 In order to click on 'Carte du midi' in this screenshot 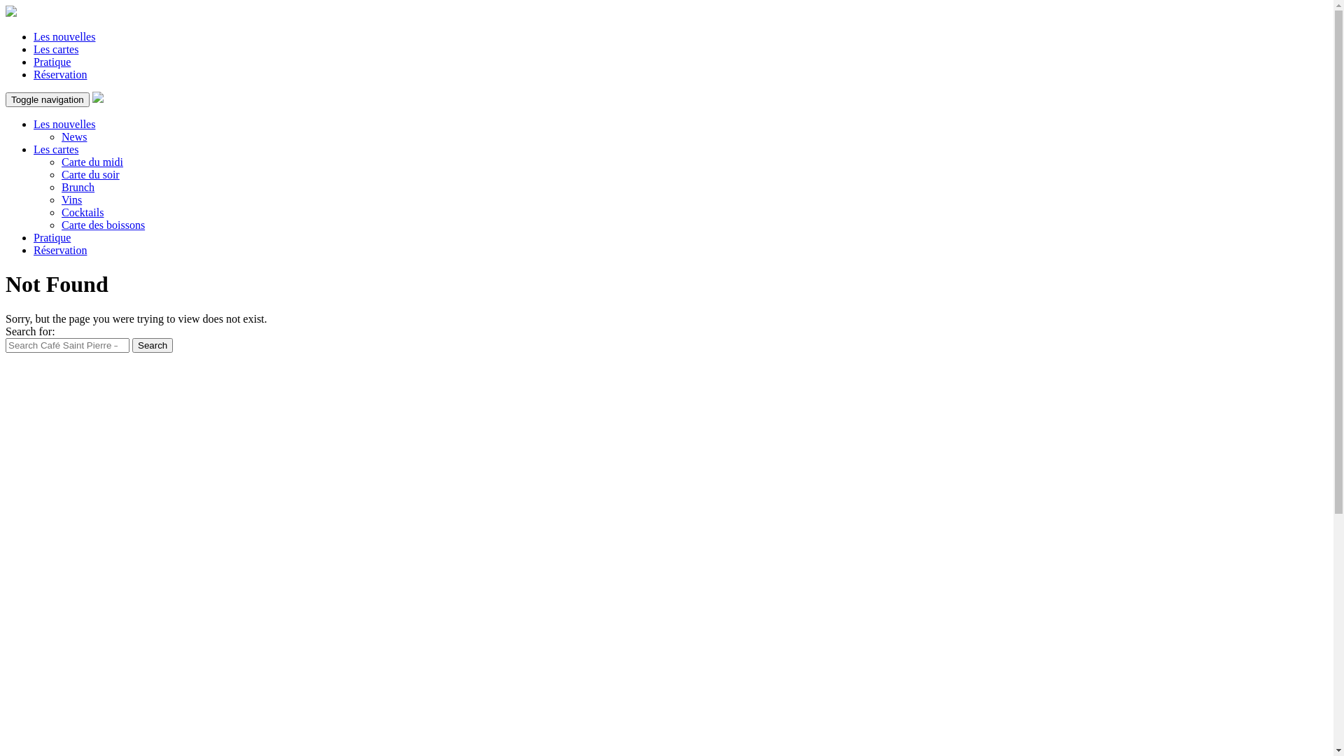, I will do `click(91, 161)`.